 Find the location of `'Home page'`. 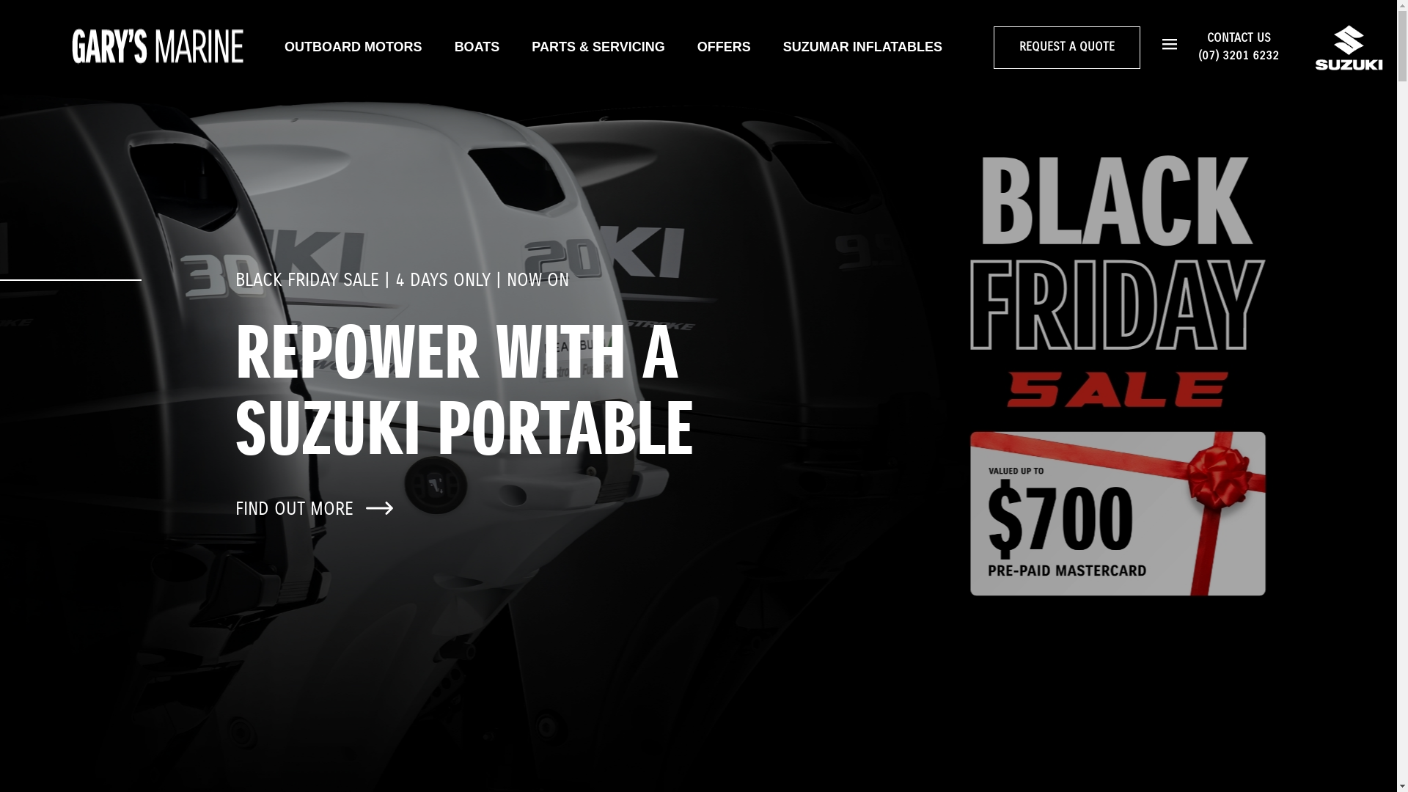

'Home page' is located at coordinates (158, 46).